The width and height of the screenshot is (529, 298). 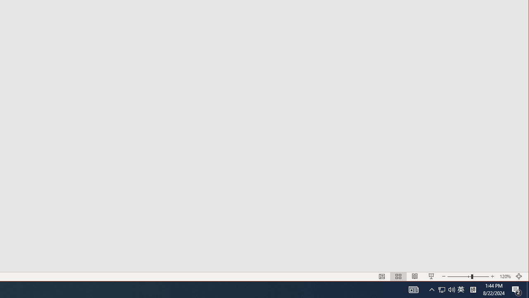 What do you see at coordinates (517, 289) in the screenshot?
I see `'Action Center, 2 new notifications'` at bounding box center [517, 289].